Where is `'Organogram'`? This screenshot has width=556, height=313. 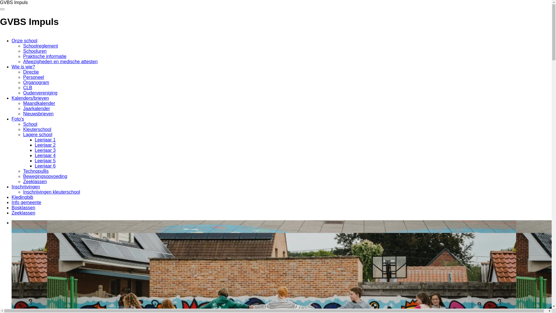
'Organogram' is located at coordinates (23, 82).